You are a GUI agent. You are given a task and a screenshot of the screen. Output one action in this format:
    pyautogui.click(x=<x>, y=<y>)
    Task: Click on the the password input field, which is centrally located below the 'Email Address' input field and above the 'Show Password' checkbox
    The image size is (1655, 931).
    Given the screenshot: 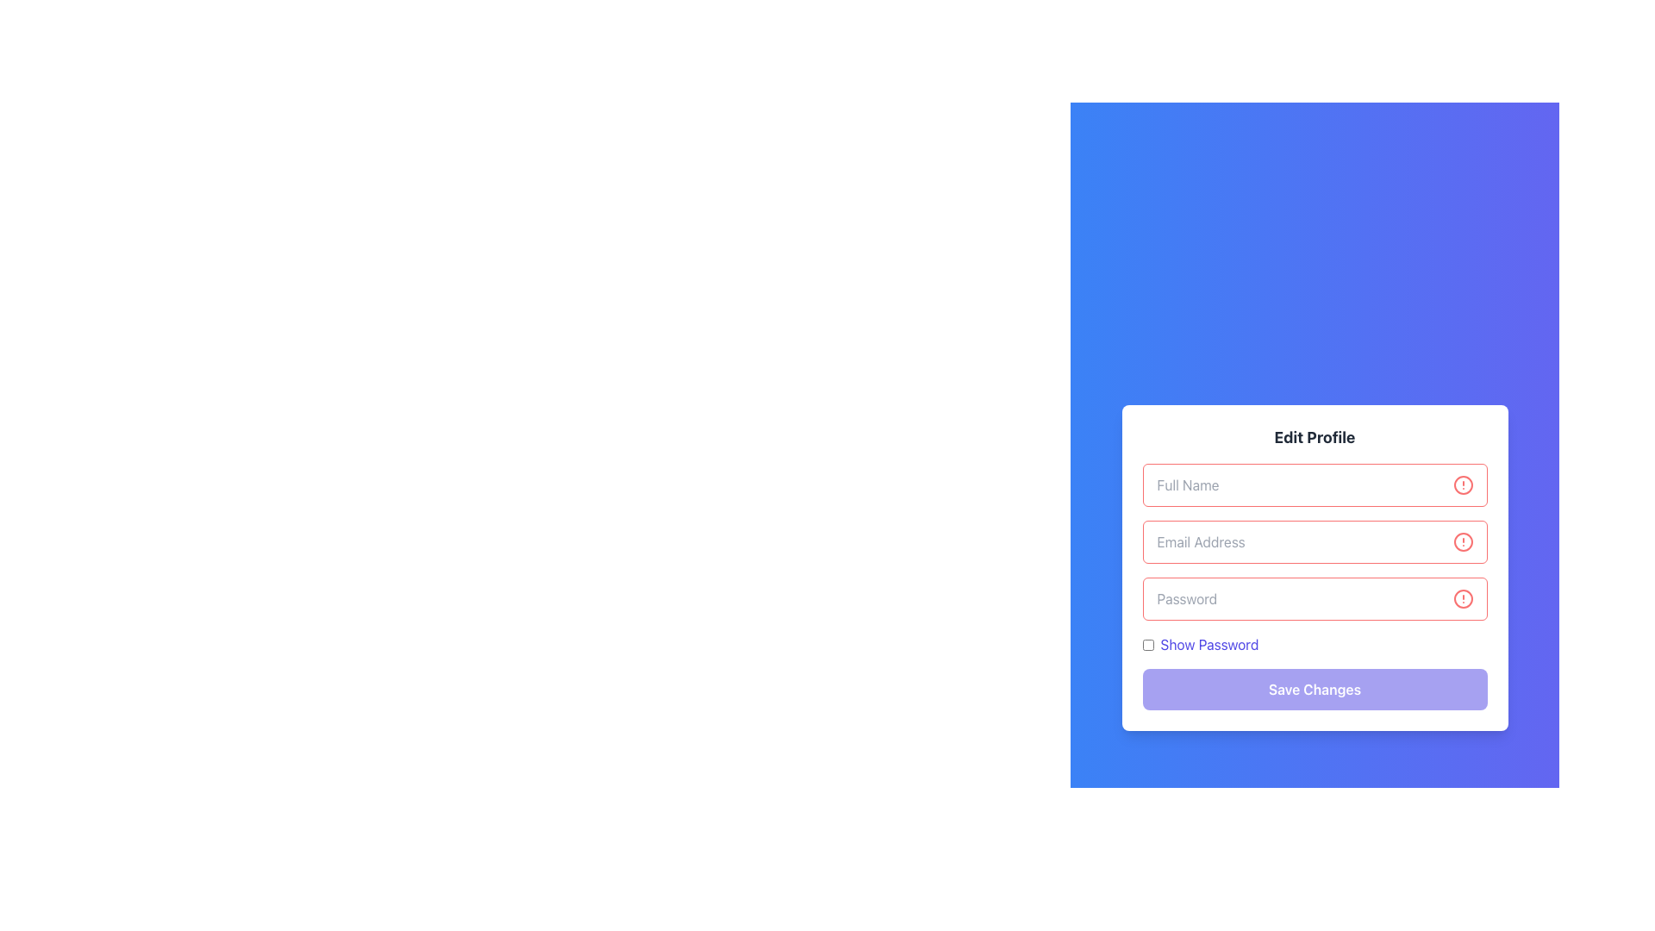 What is the action you would take?
    pyautogui.click(x=1314, y=586)
    